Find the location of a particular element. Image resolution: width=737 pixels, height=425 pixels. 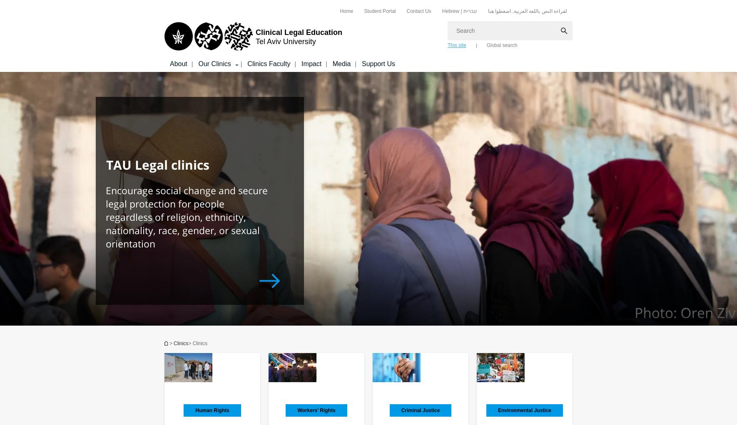

'Global search' is located at coordinates (501, 45).